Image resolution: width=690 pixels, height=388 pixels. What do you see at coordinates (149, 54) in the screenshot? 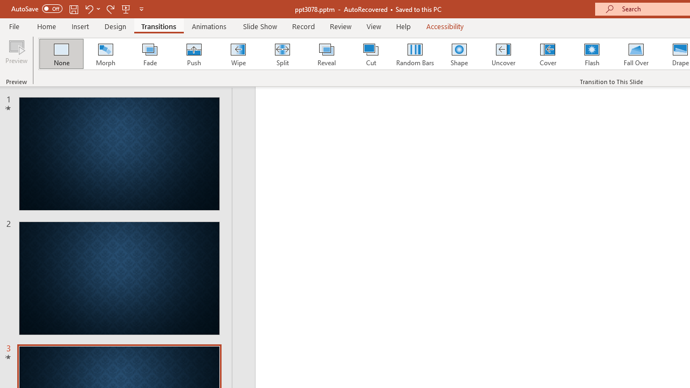
I see `'Fade'` at bounding box center [149, 54].